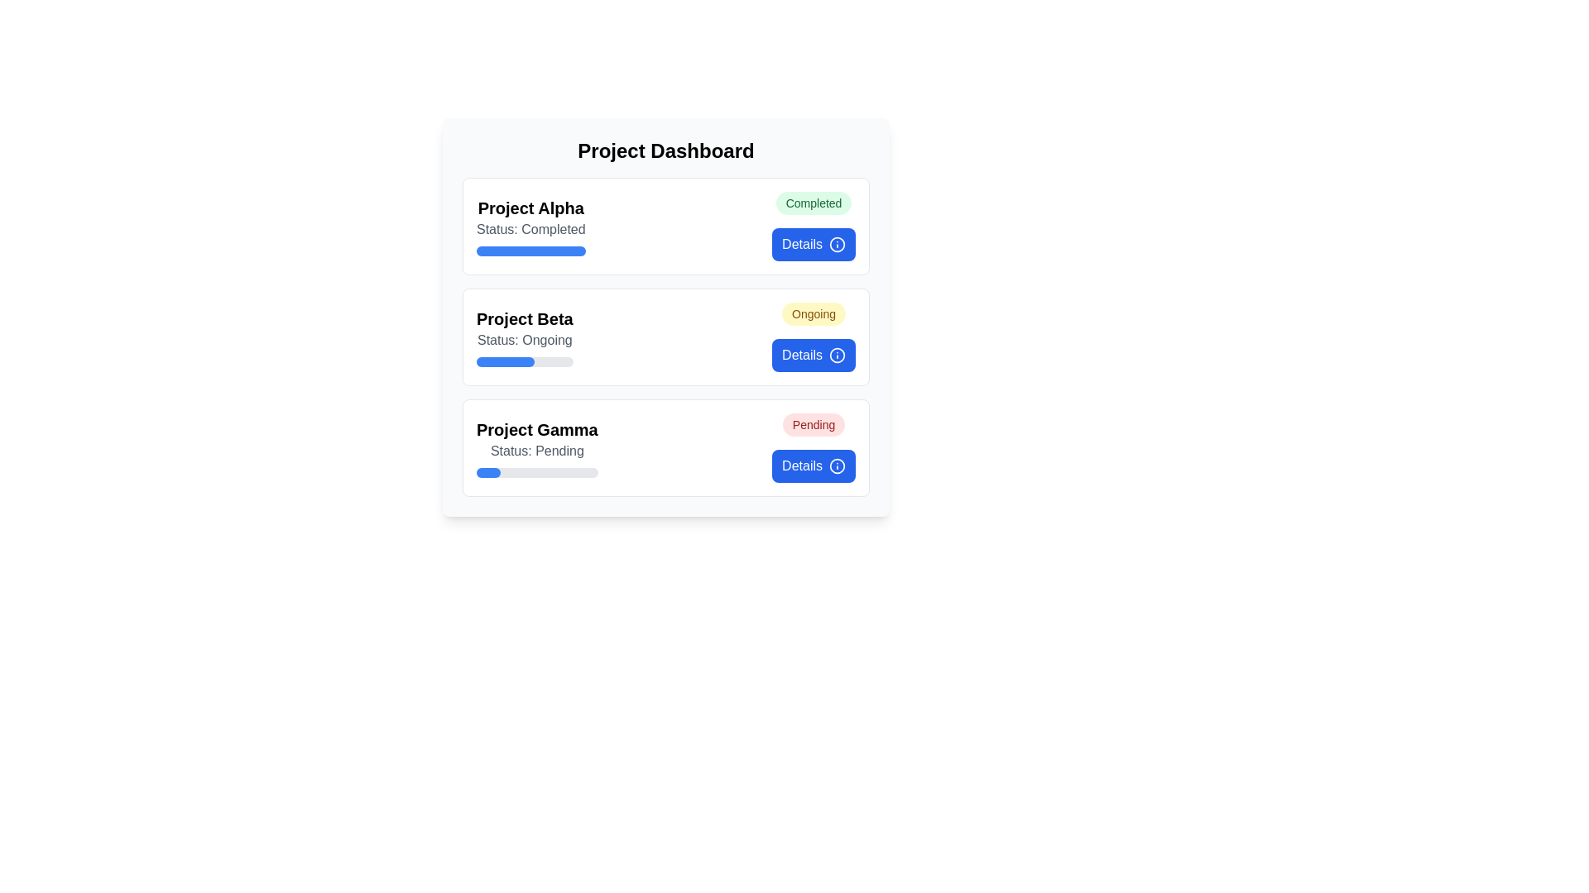 The width and height of the screenshot is (1589, 893). Describe the element at coordinates (537, 448) in the screenshot. I see `the 'Project Gamma' text label indicating its status as 'Pending' within the Project Dashboard interface` at that location.